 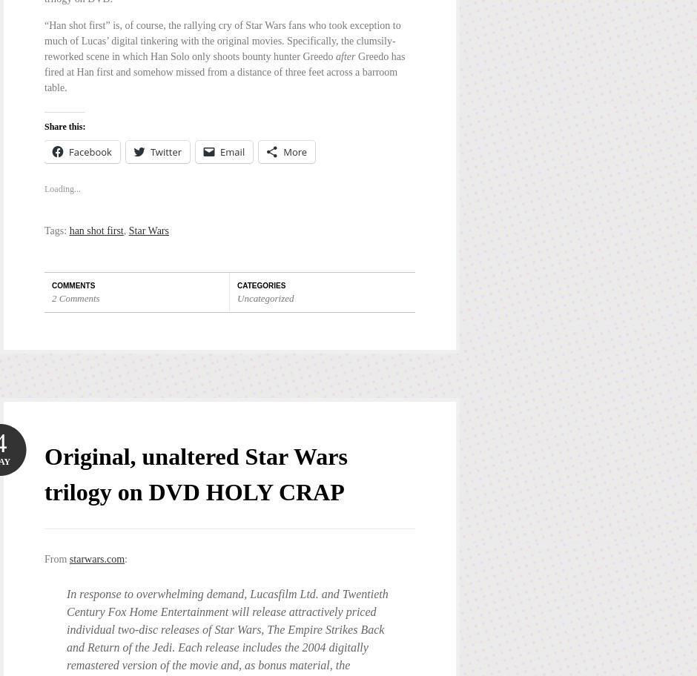 What do you see at coordinates (56, 231) in the screenshot?
I see `'Tags:'` at bounding box center [56, 231].